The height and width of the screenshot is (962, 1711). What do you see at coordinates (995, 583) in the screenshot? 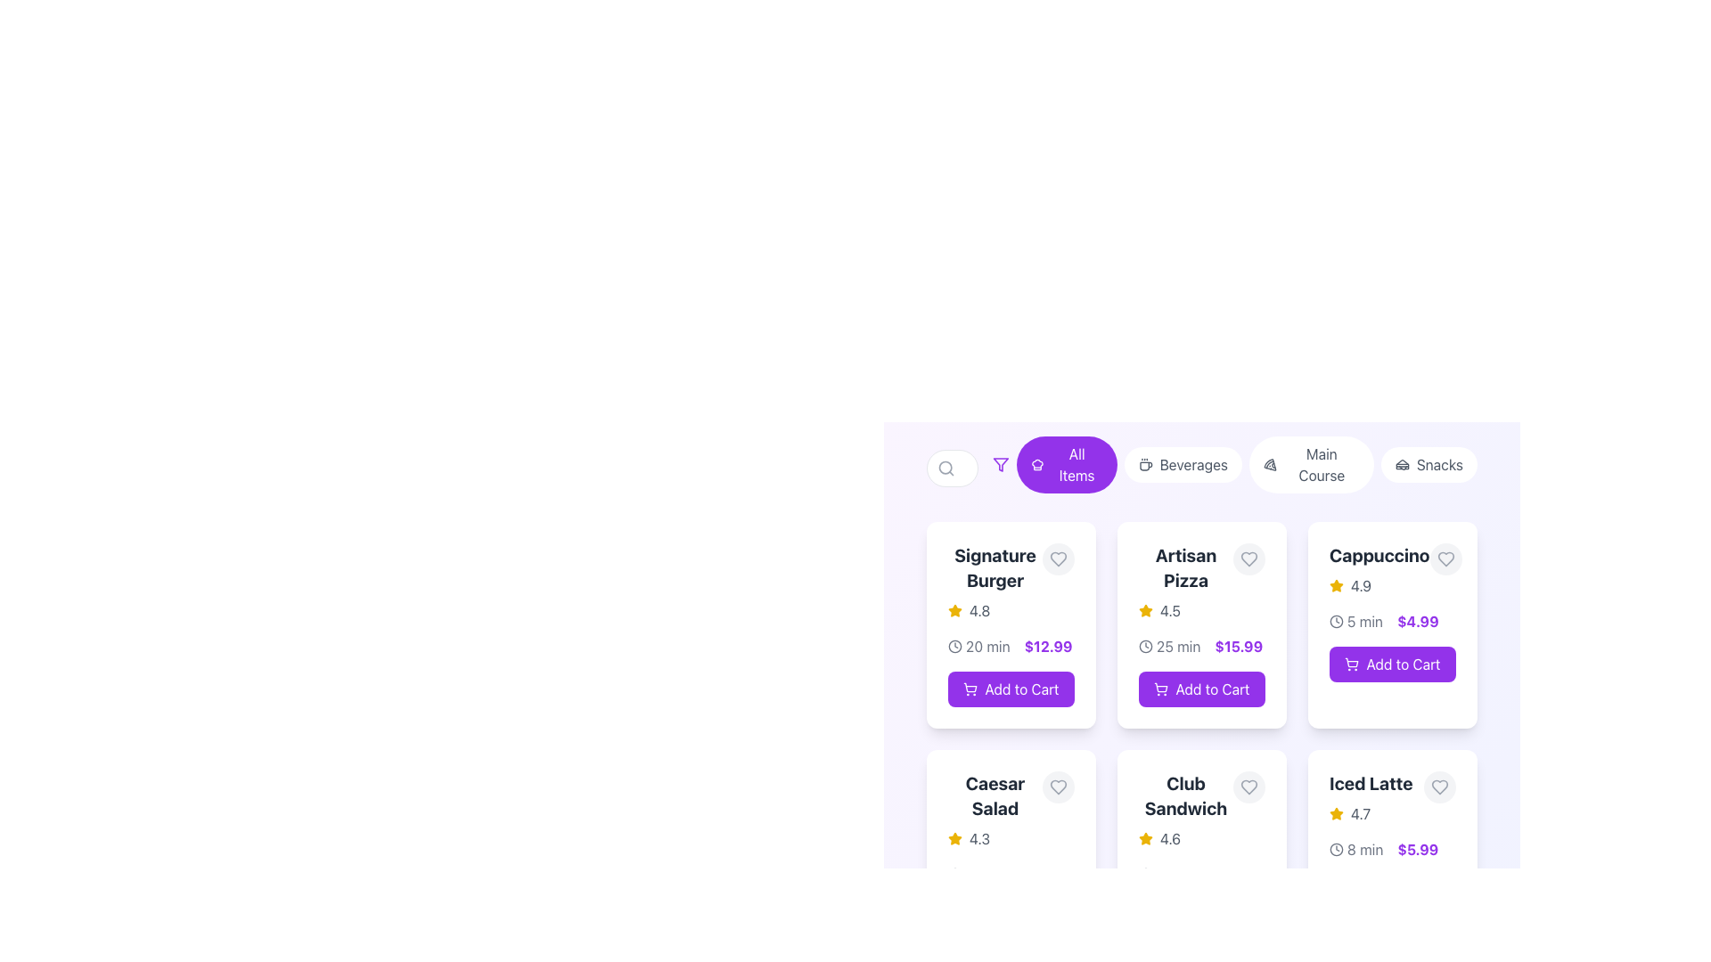
I see `the Text display with a rating indicator for the 'Signature Burger' located in the top-left corner of the grid layout in the menu, above the '20 min $12.99' text and adjacent to a heart icon` at bounding box center [995, 583].